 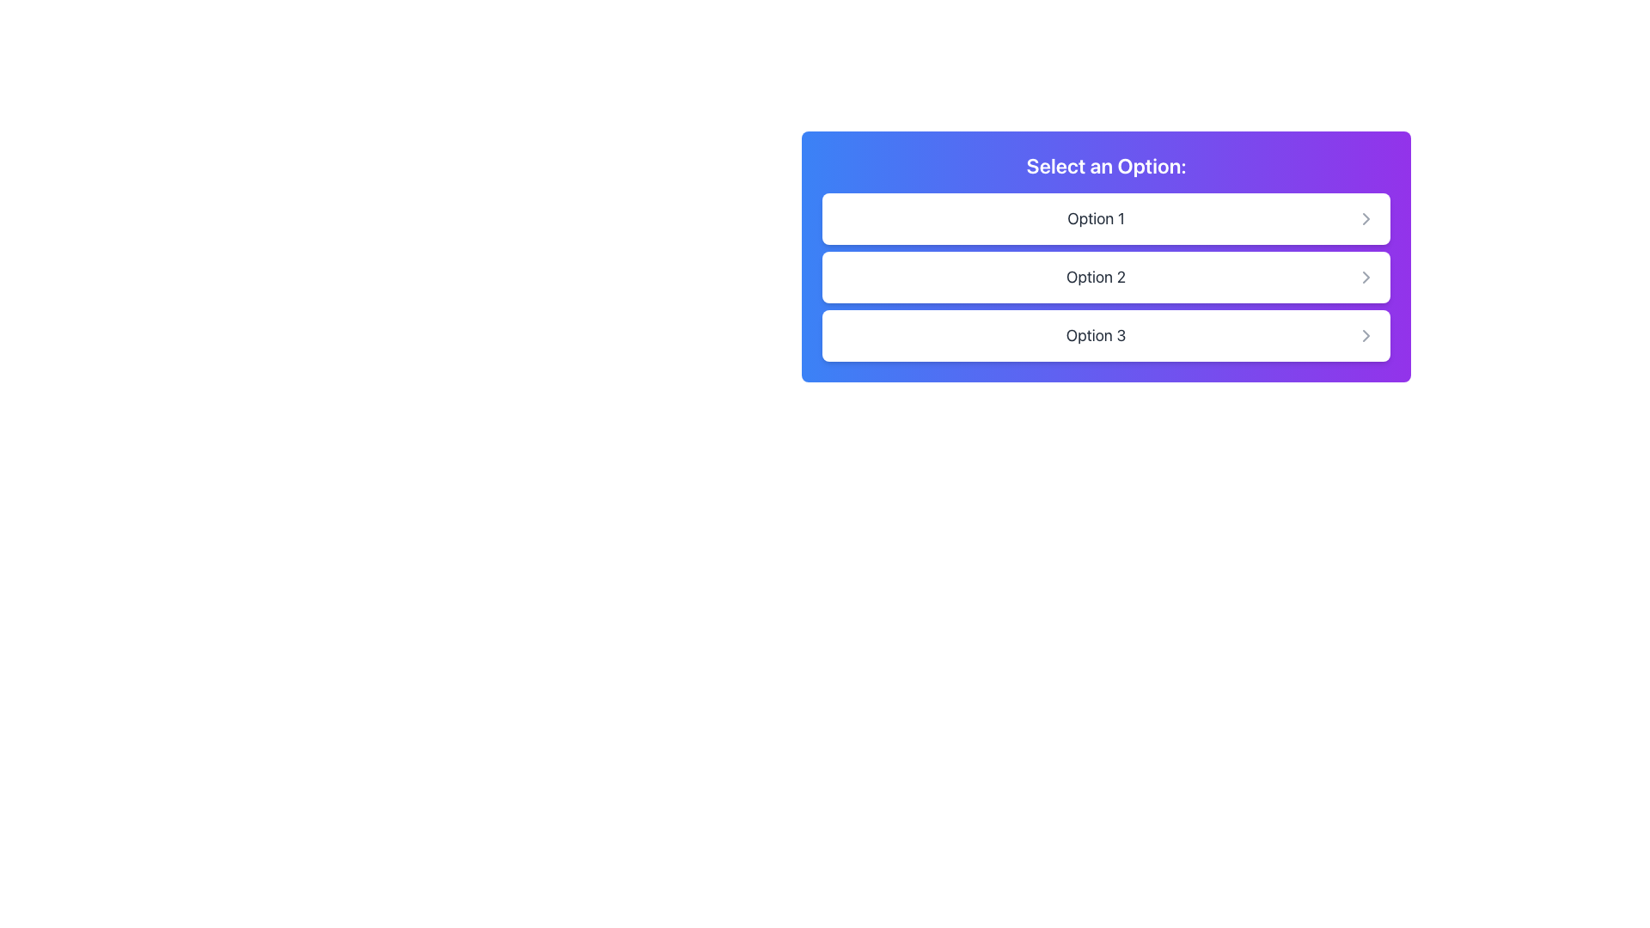 What do you see at coordinates (1365, 217) in the screenshot?
I see `the Chevron Right icon located at the rightmost position of the 'Option 1' button` at bounding box center [1365, 217].